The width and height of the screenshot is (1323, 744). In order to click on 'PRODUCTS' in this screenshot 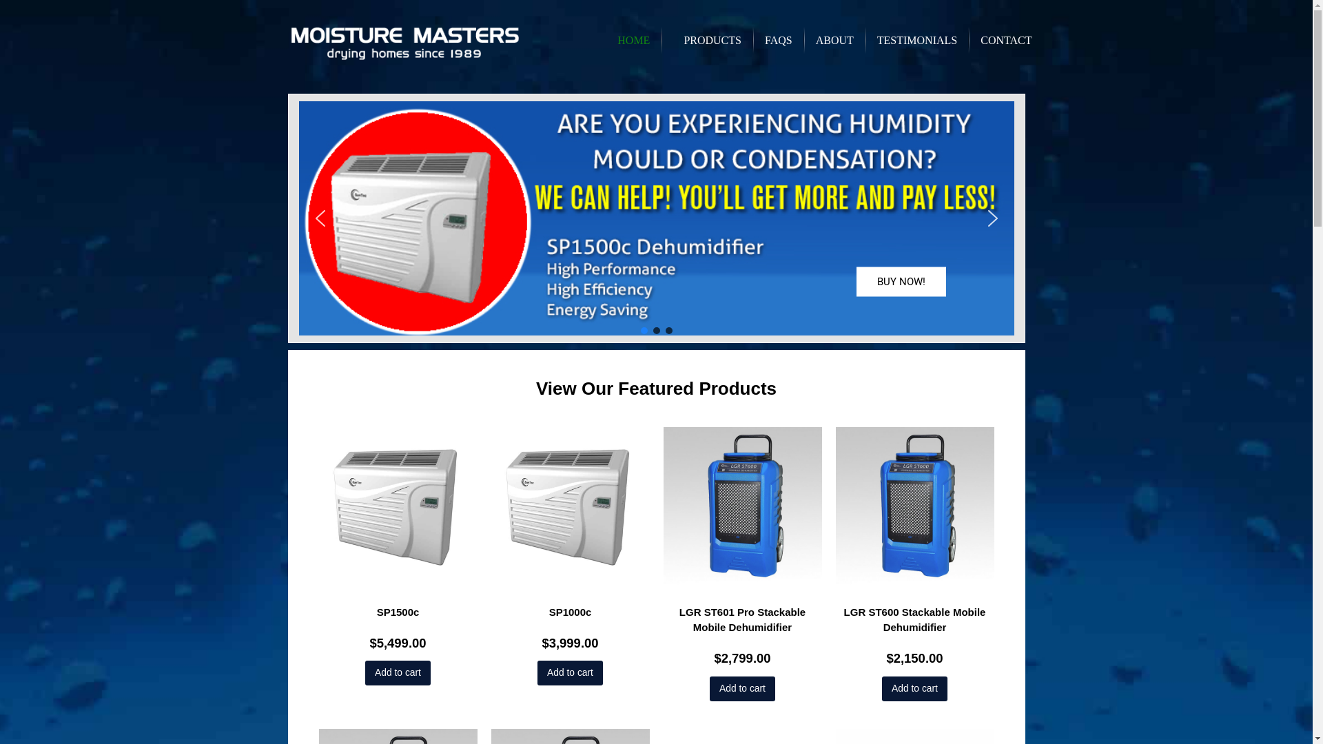, I will do `click(707, 39)`.